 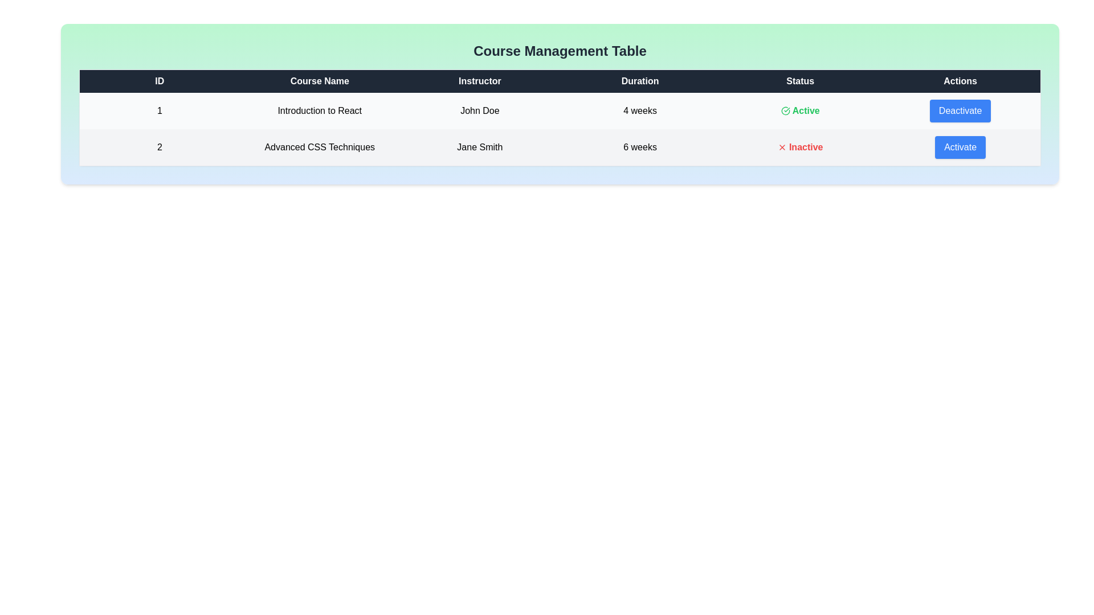 What do you see at coordinates (799, 147) in the screenshot?
I see `status of the course 'Advanced CSS Techniques' indicated by the status indicator with text and icon located in the 'Status' column of the second row of the table` at bounding box center [799, 147].